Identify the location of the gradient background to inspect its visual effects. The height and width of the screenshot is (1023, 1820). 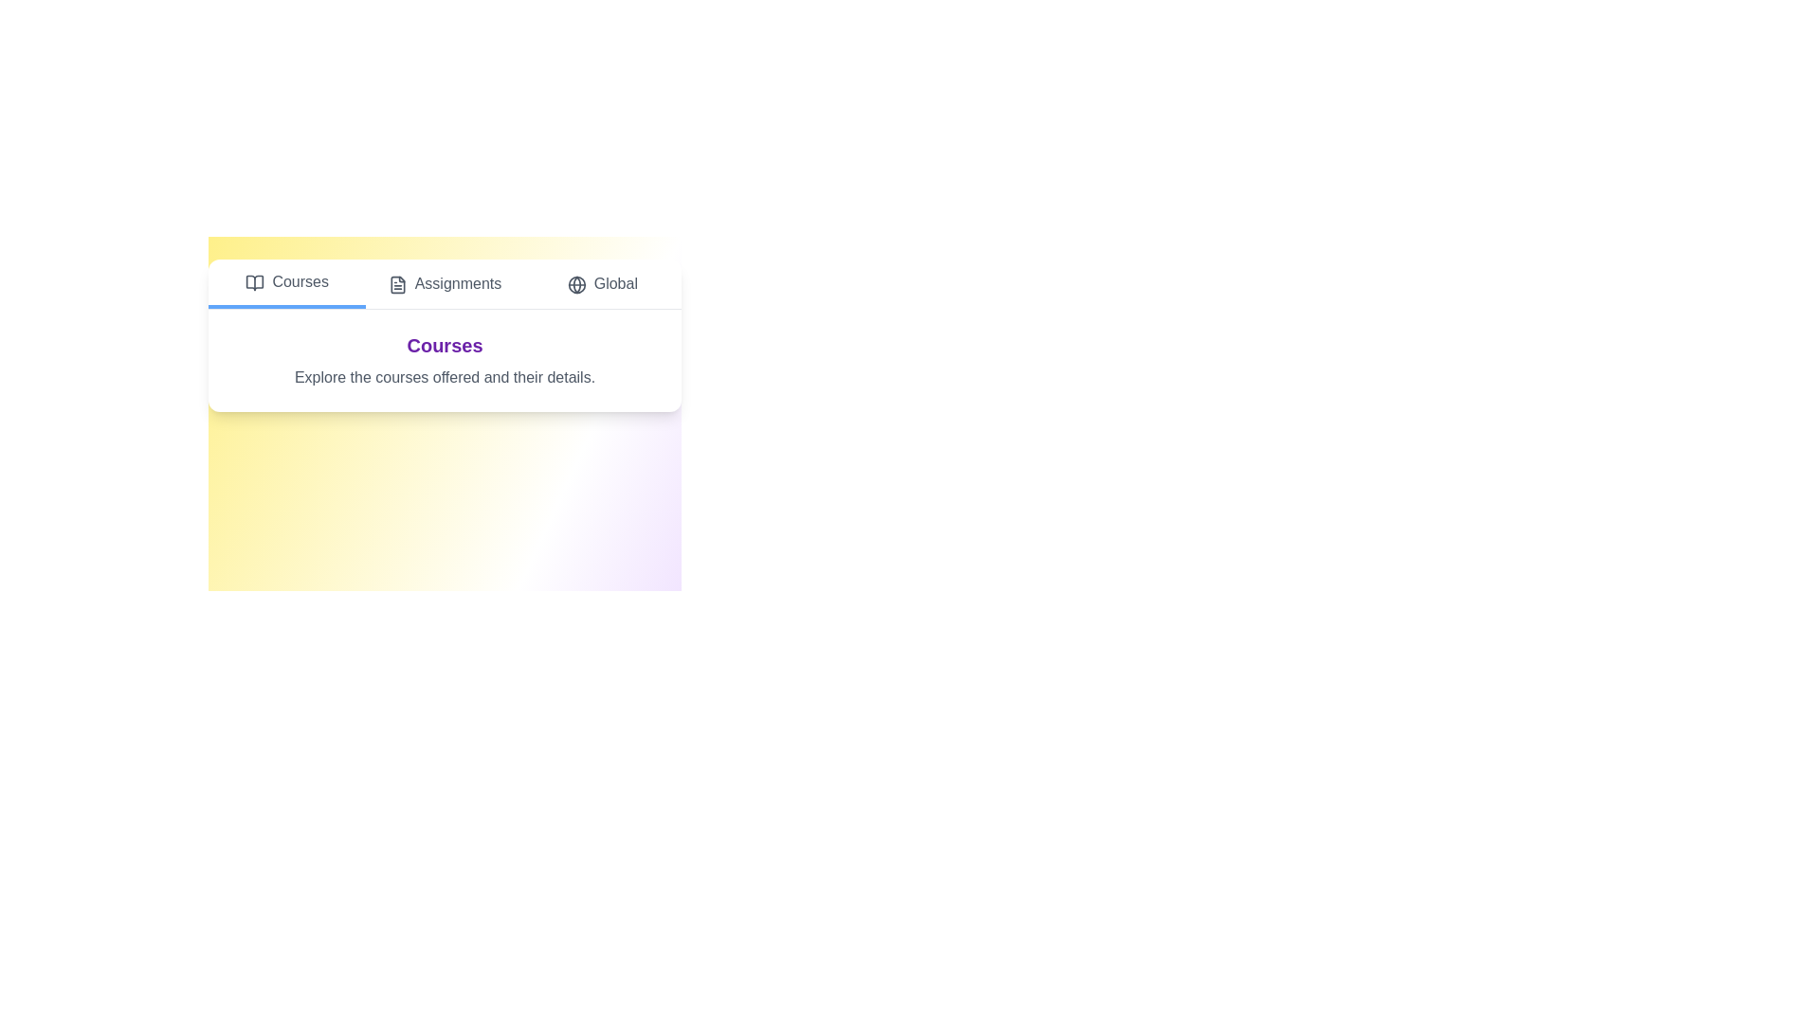
(444, 747).